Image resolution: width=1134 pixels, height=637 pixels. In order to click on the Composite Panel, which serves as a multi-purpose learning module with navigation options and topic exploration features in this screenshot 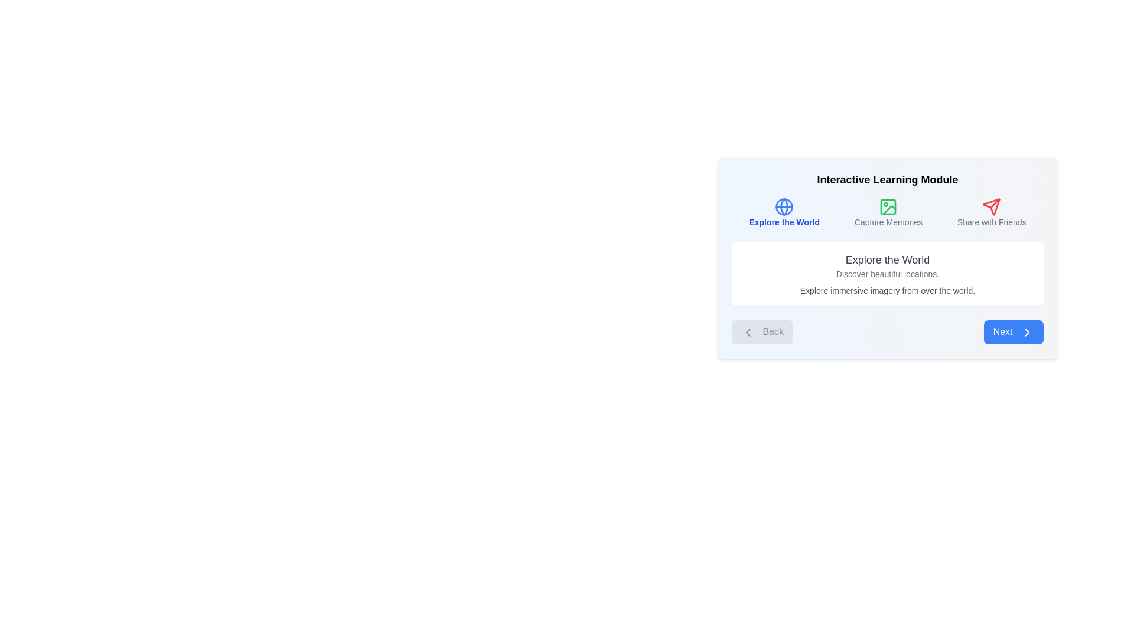, I will do `click(887, 257)`.